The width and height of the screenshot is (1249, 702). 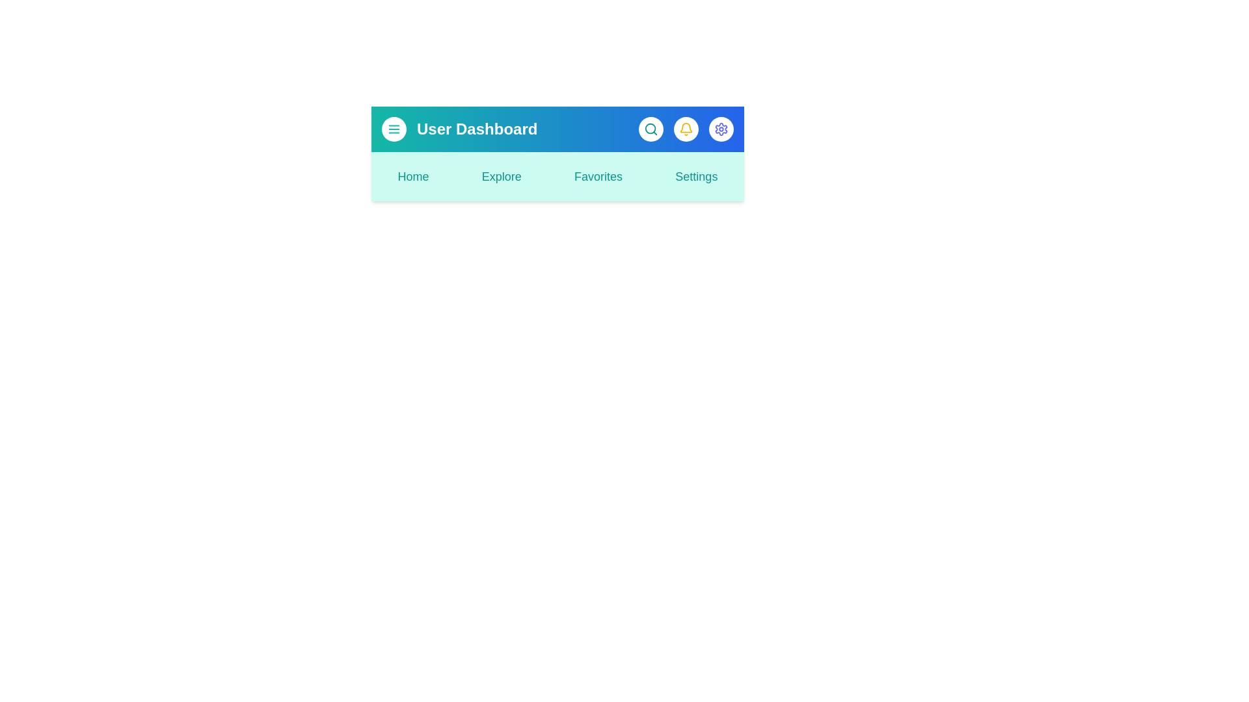 What do you see at coordinates (695, 177) in the screenshot?
I see `the navigation link corresponding to Settings` at bounding box center [695, 177].